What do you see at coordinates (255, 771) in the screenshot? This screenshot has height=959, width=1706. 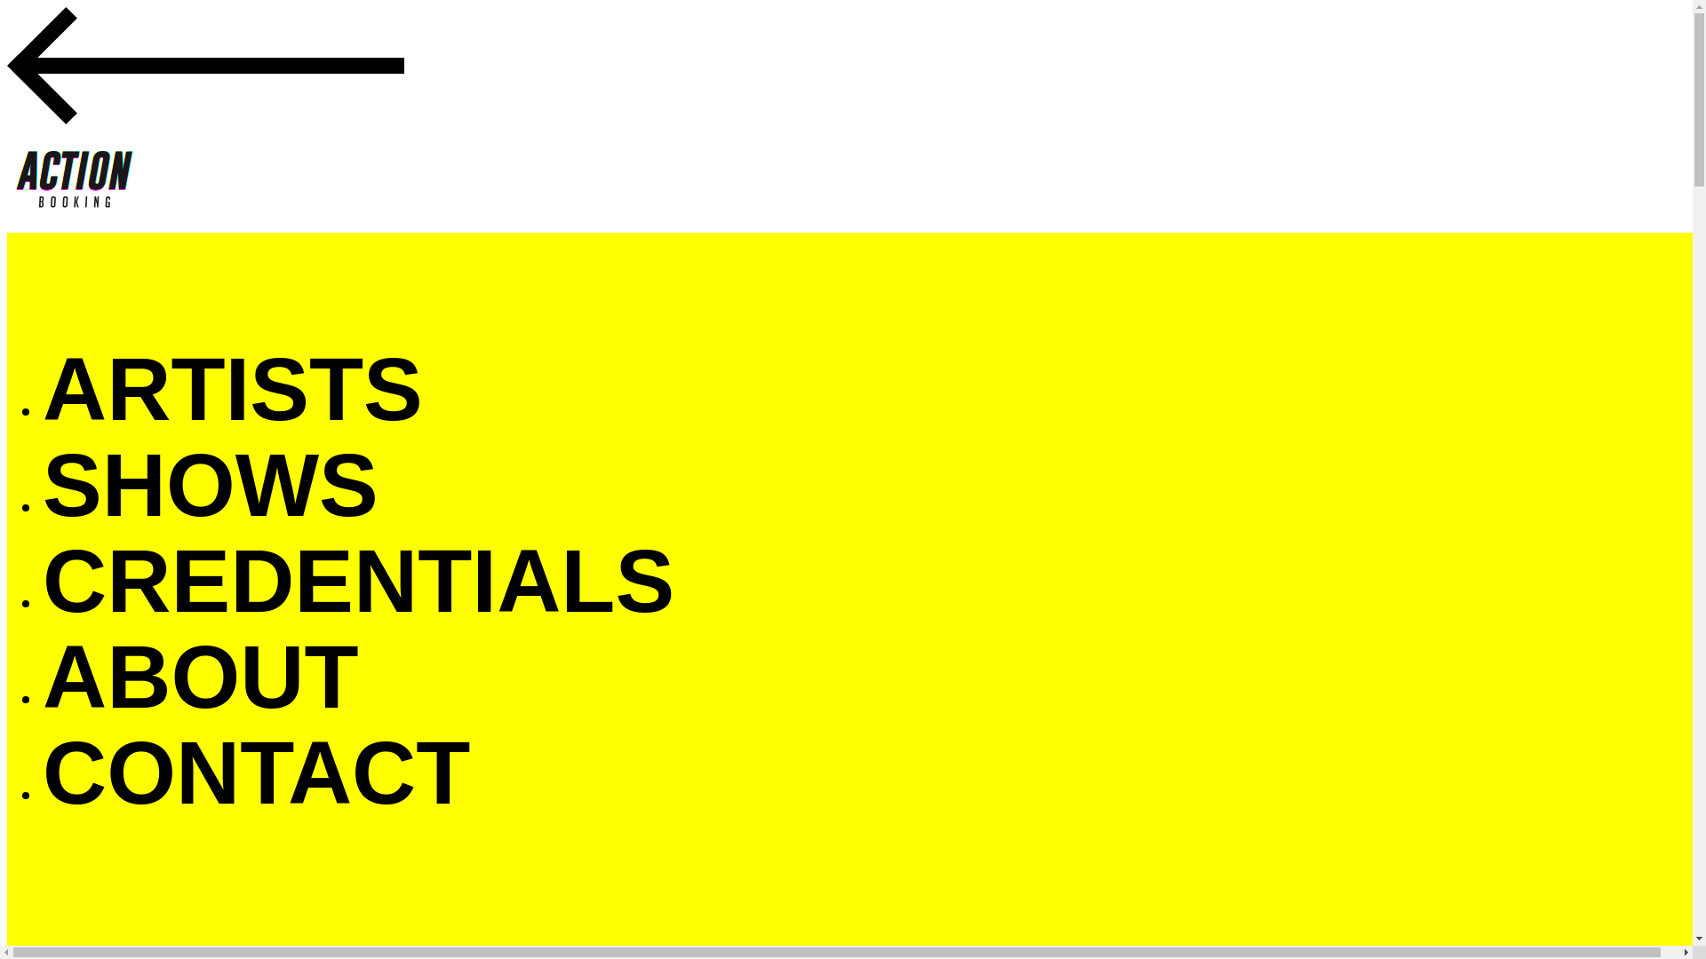 I see `'CONTACT'` at bounding box center [255, 771].